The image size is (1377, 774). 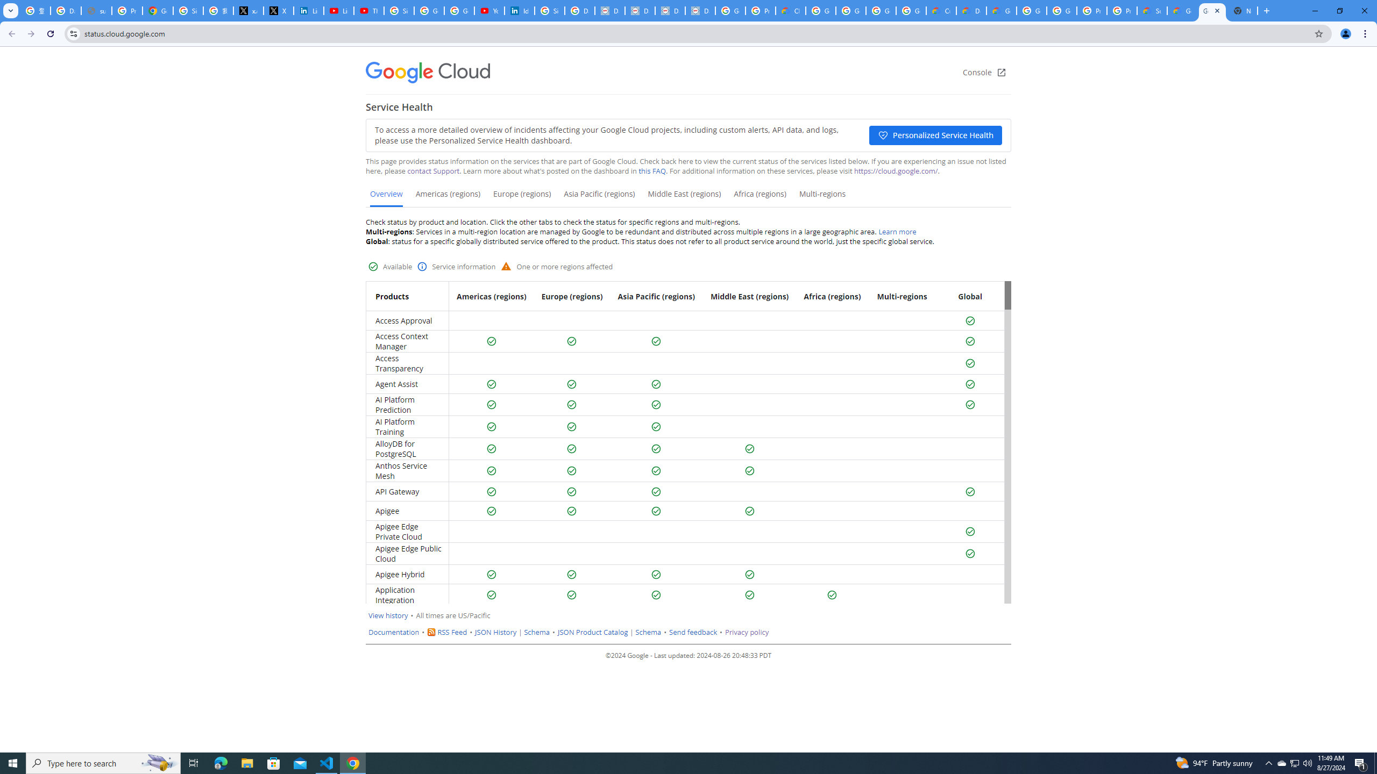 I want to click on 'Asia Pacific (regions)', so click(x=598, y=197).